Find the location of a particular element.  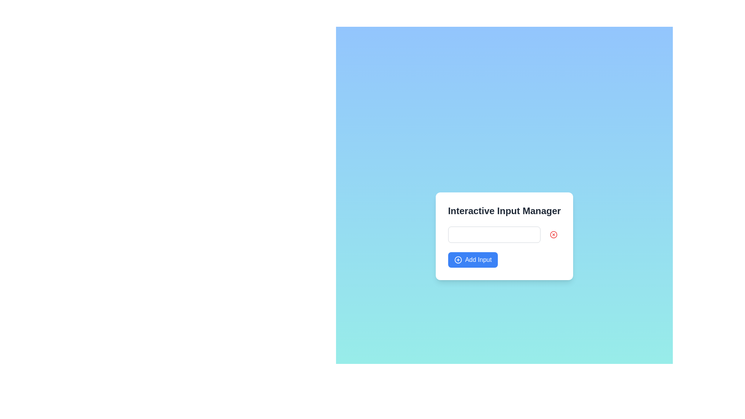

the 'Add Input' button located at the bottom left of the 'Interactive Input Manager' card is located at coordinates (472, 260).